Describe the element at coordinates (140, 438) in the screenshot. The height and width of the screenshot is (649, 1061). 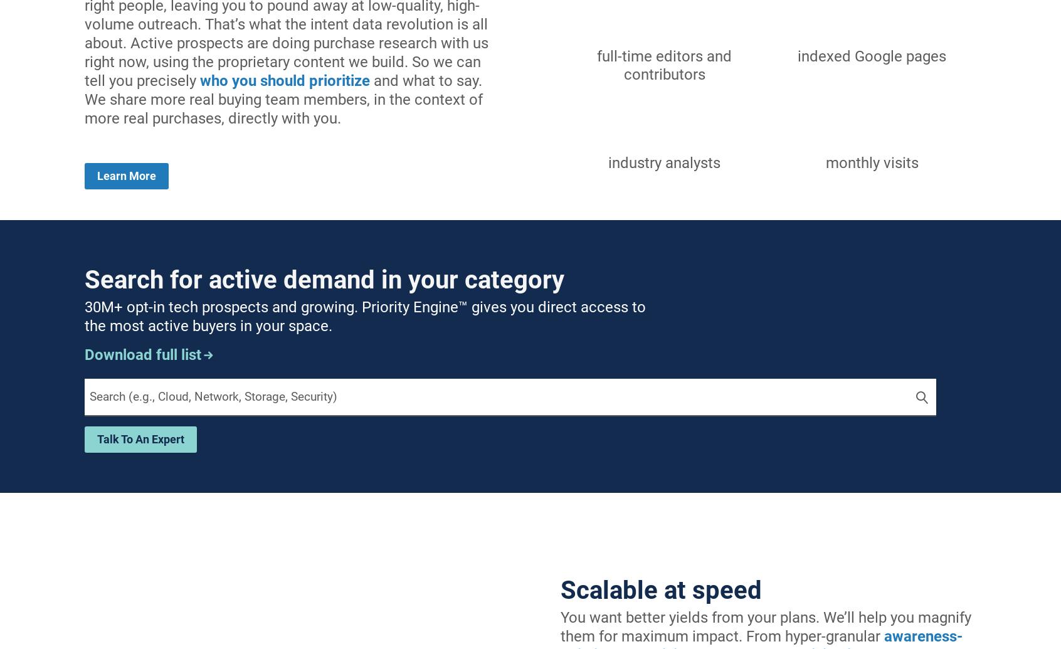
I see `'talk to an expert'` at that location.